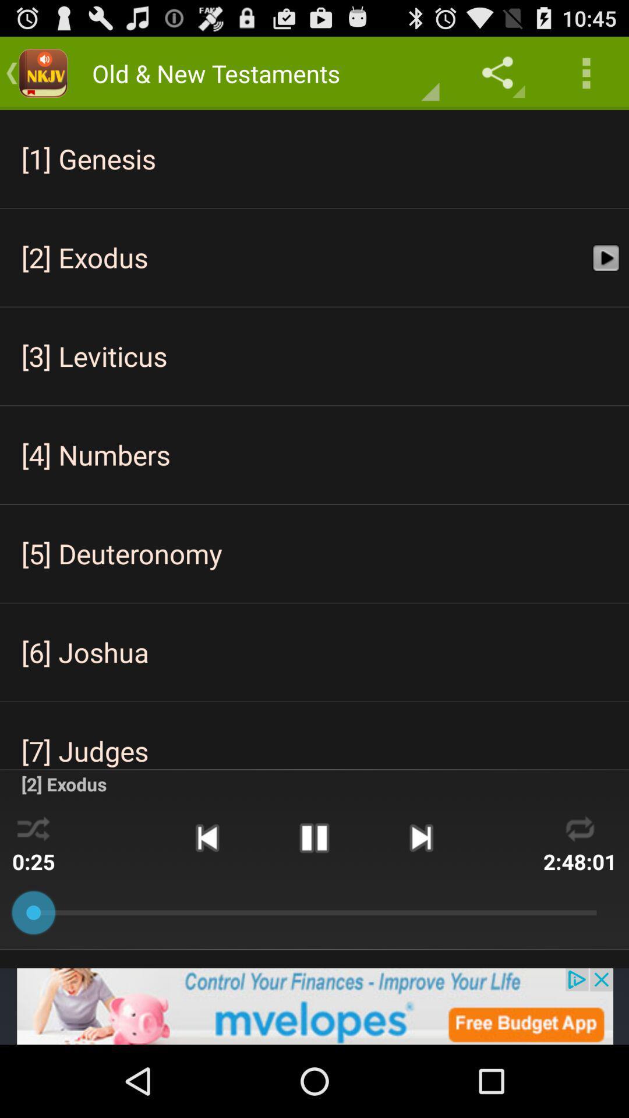  Describe the element at coordinates (421, 896) in the screenshot. I see `the skip_next icon` at that location.